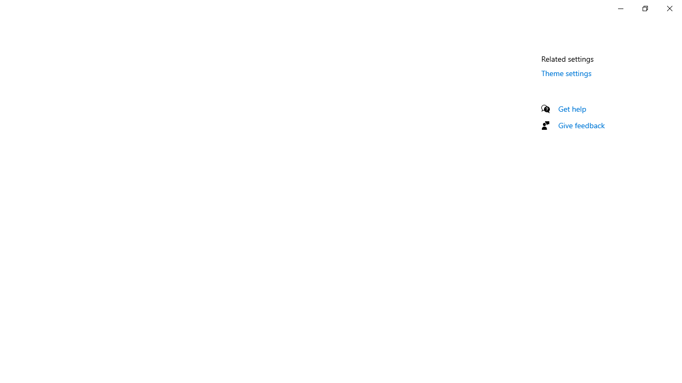 Image resolution: width=682 pixels, height=383 pixels. Describe the element at coordinates (669, 8) in the screenshot. I see `'Close Settings'` at that location.